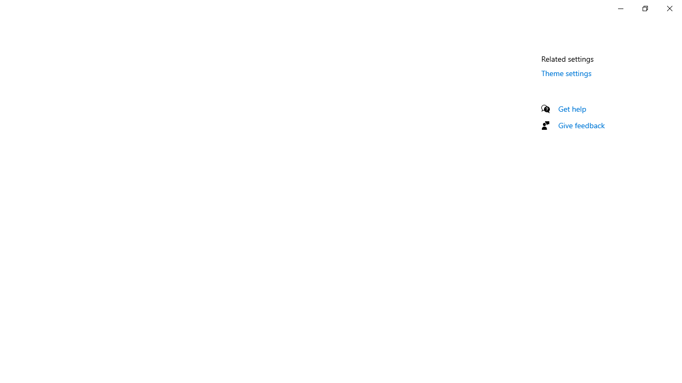 Image resolution: width=682 pixels, height=383 pixels. Describe the element at coordinates (669, 8) in the screenshot. I see `'Close Settings'` at that location.